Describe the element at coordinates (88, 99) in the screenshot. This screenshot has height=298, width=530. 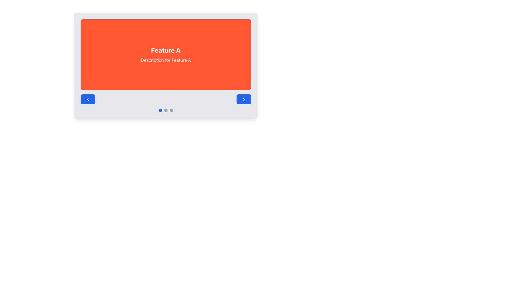
I see `the left-facing chevron icon located within the blue circular button on the left side of the navigation control area to invoke navigation` at that location.